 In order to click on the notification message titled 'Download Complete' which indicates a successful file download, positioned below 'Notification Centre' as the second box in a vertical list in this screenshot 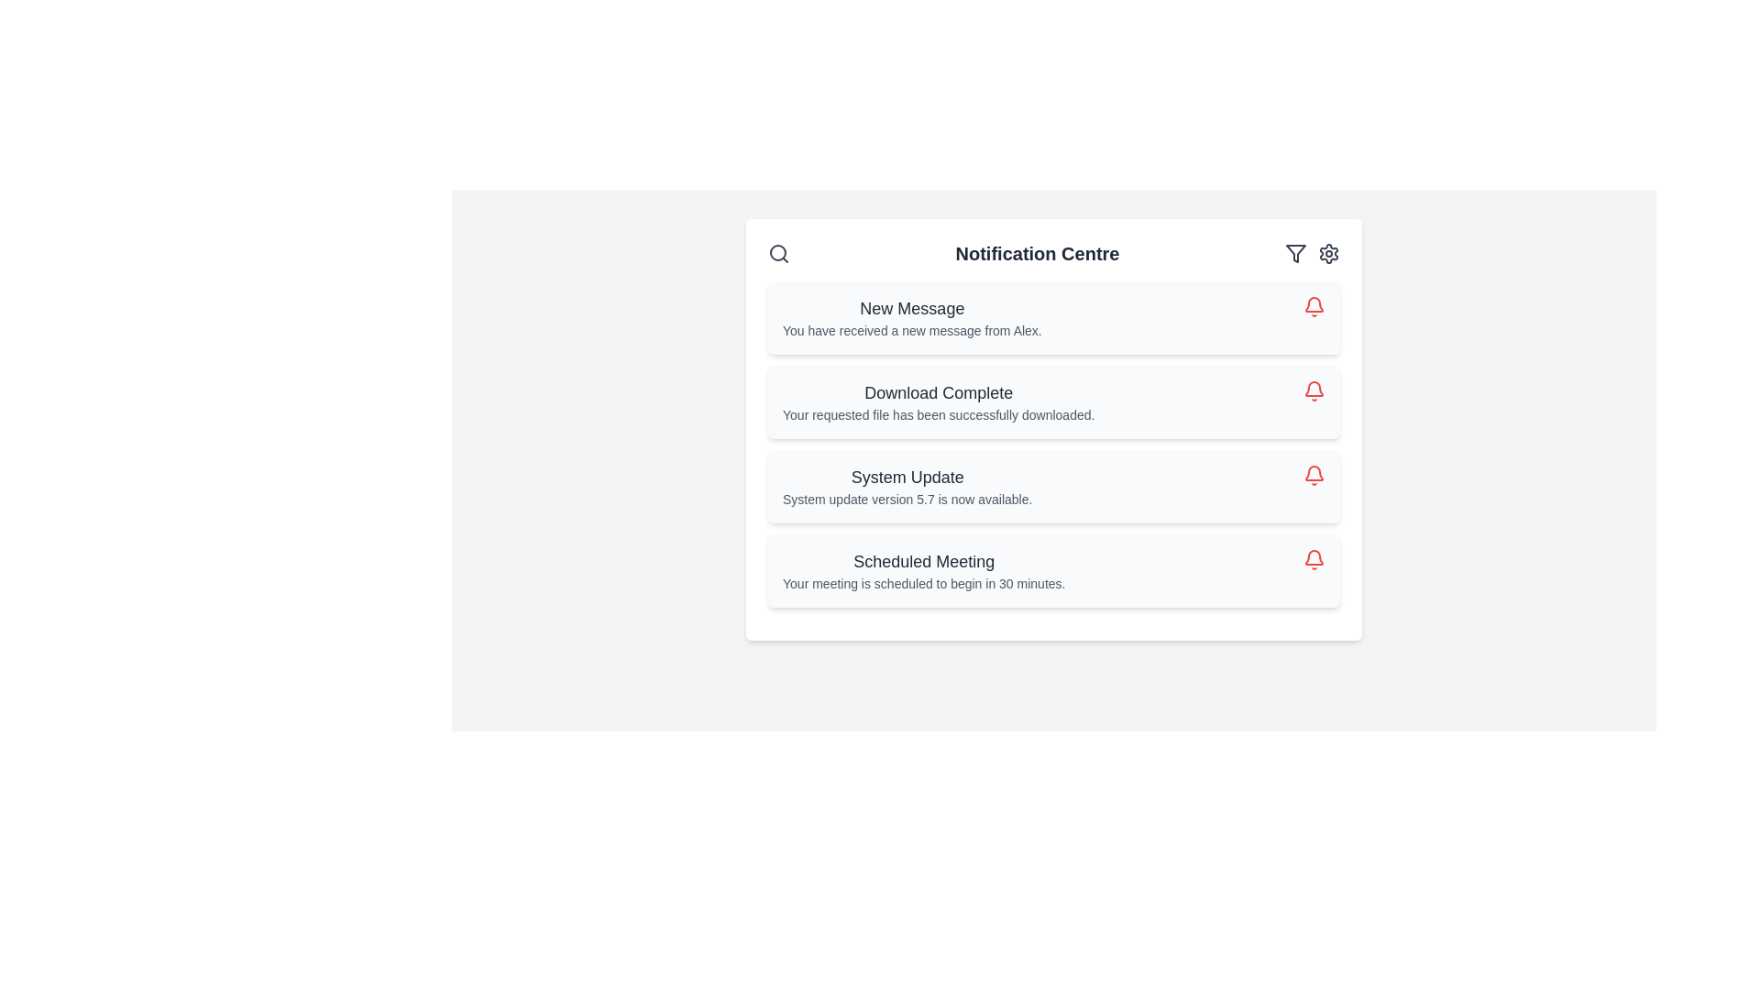, I will do `click(1054, 430)`.